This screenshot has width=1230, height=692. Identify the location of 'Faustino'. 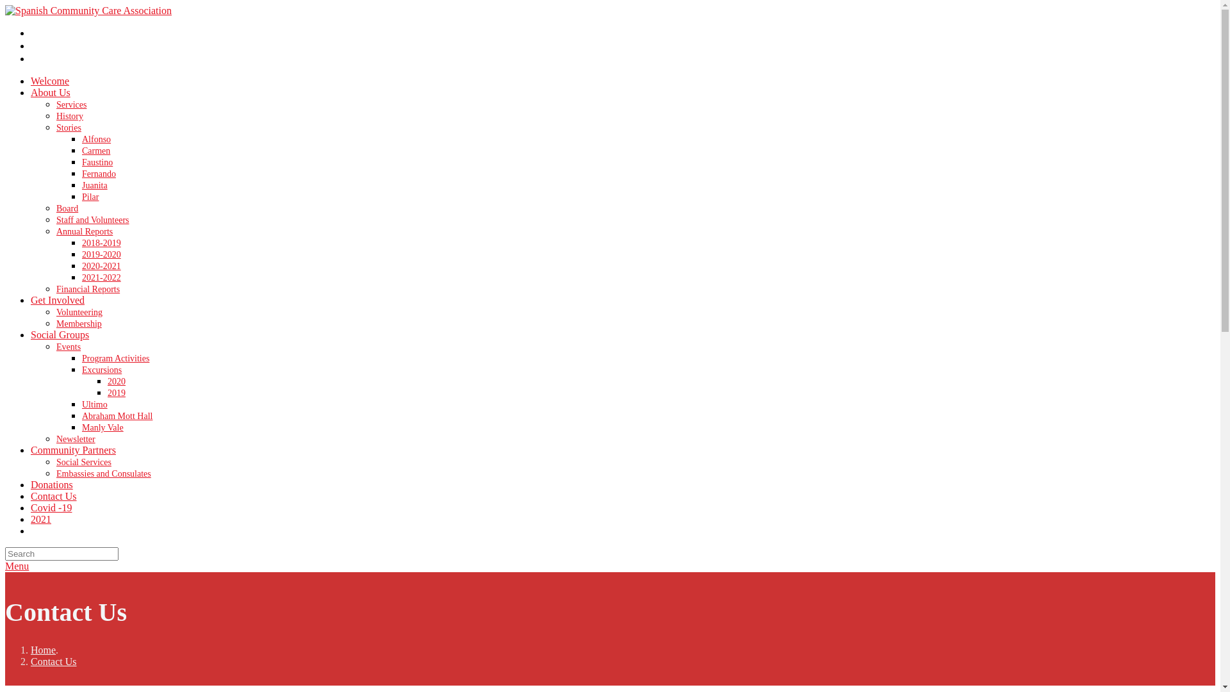
(81, 161).